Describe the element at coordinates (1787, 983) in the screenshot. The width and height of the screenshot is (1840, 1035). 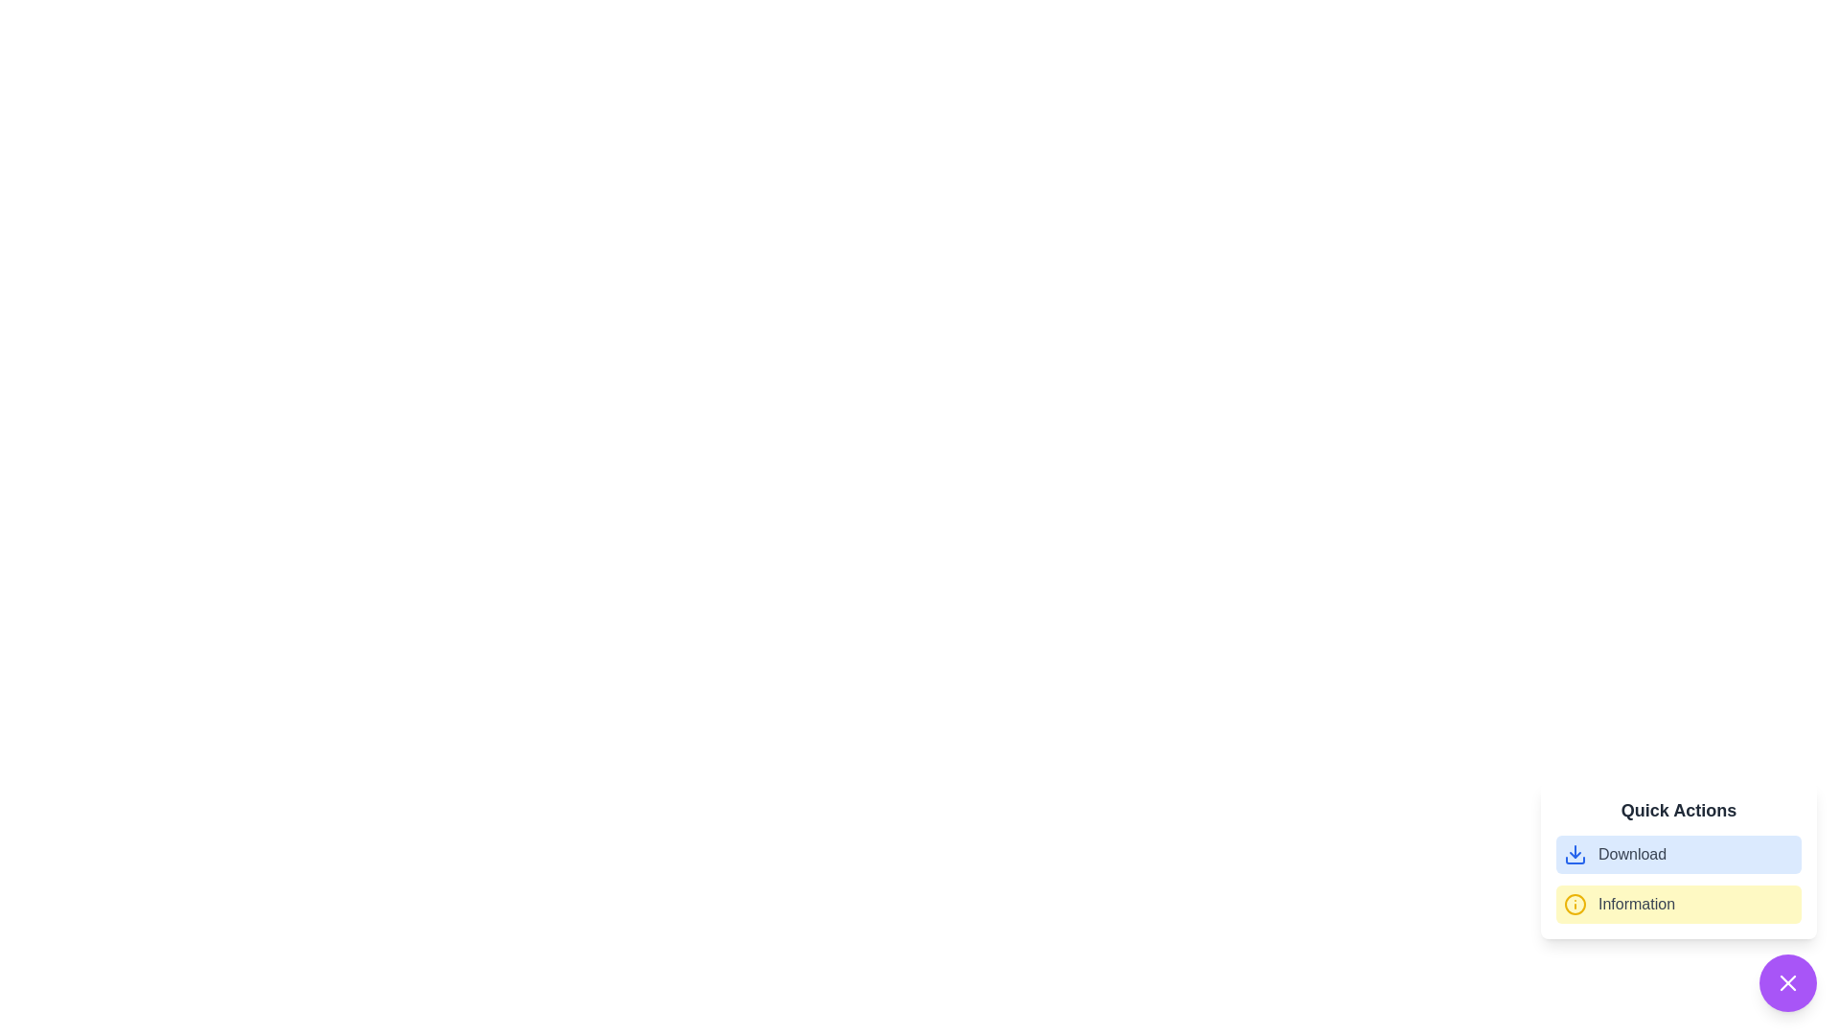
I see `the 'X' icon within the purple circular button located in the bottom-right corner of the interface` at that location.